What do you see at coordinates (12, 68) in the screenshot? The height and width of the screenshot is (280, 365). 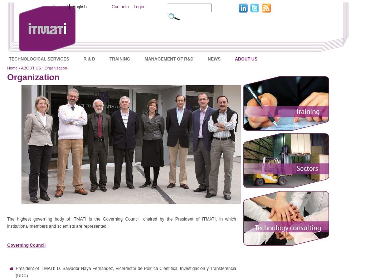 I see `'Home'` at bounding box center [12, 68].